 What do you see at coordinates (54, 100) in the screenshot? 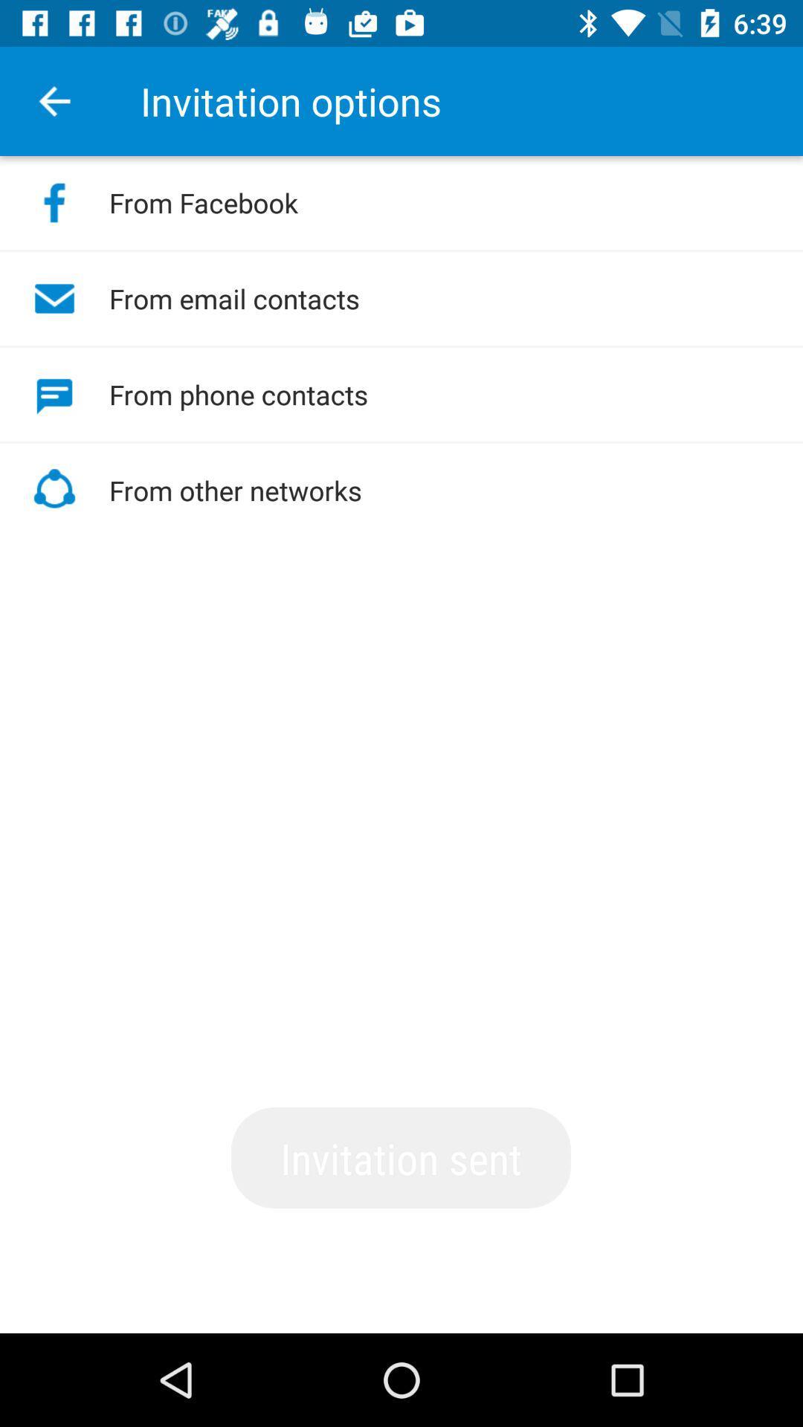
I see `icon next to the invitation options item` at bounding box center [54, 100].